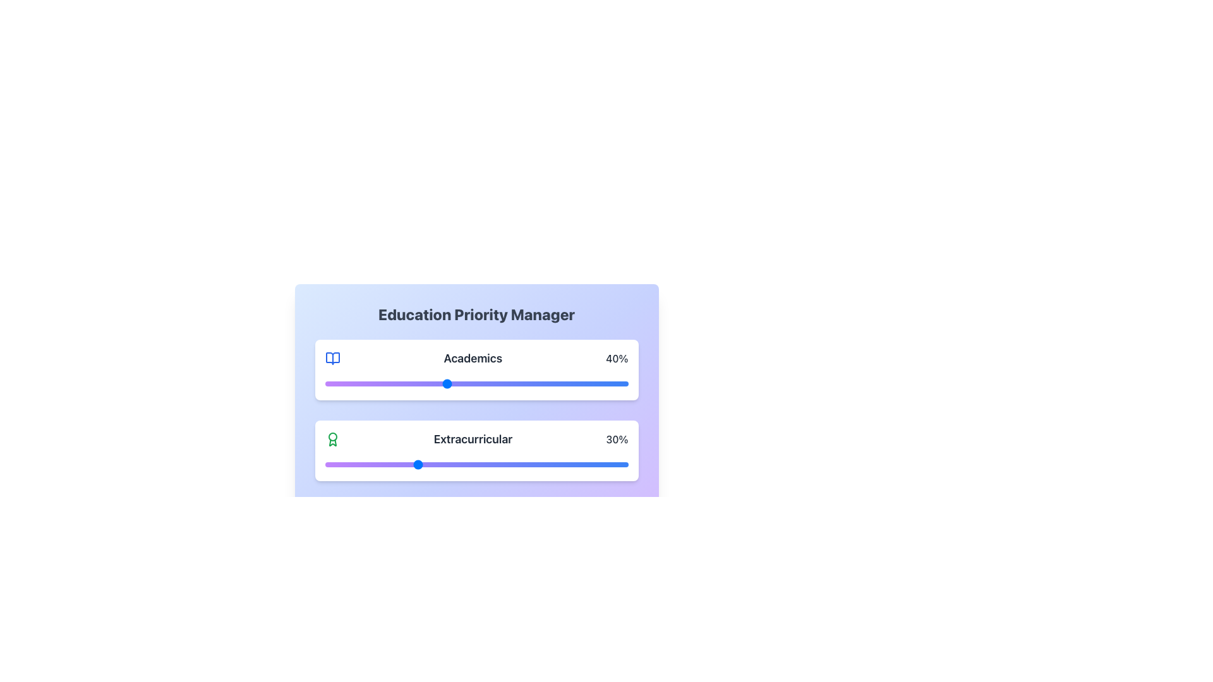 This screenshot has height=682, width=1213. What do you see at coordinates (497, 465) in the screenshot?
I see `the slider` at bounding box center [497, 465].